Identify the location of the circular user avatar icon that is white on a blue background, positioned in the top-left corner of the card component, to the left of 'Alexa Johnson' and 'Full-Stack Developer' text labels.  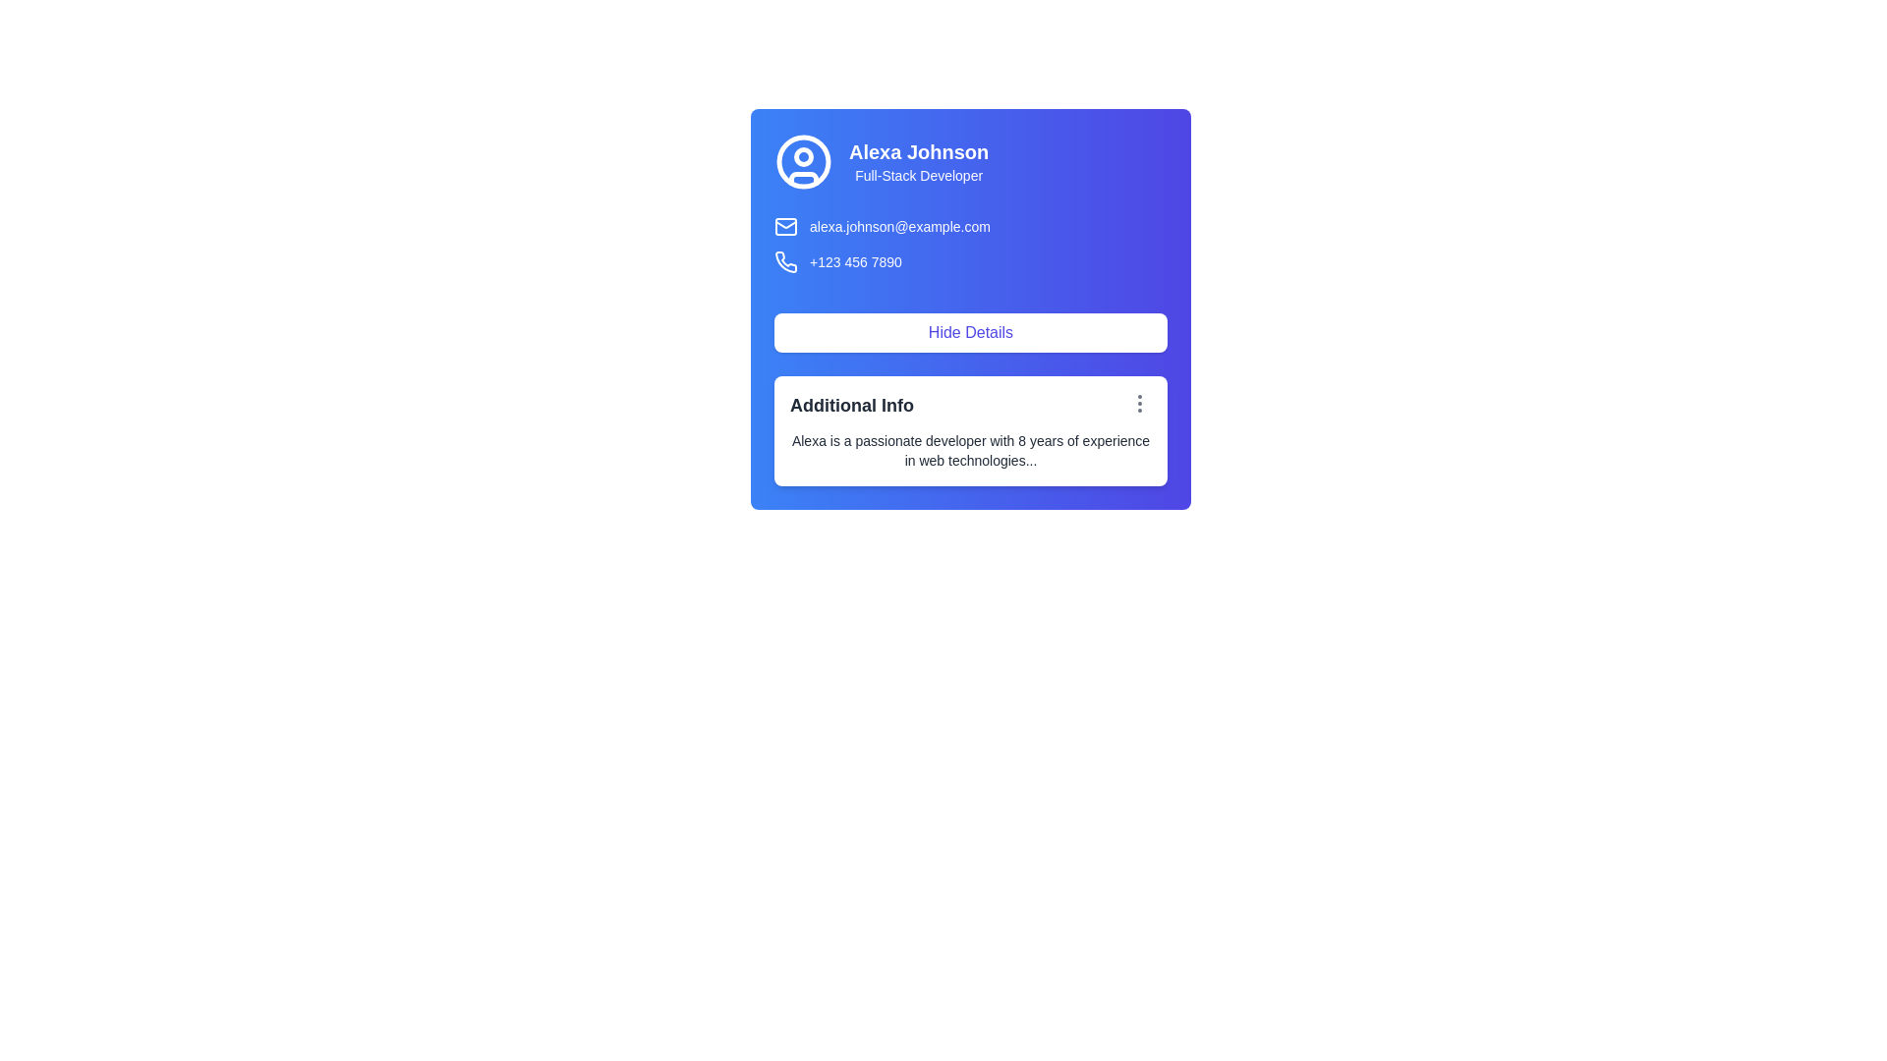
(803, 161).